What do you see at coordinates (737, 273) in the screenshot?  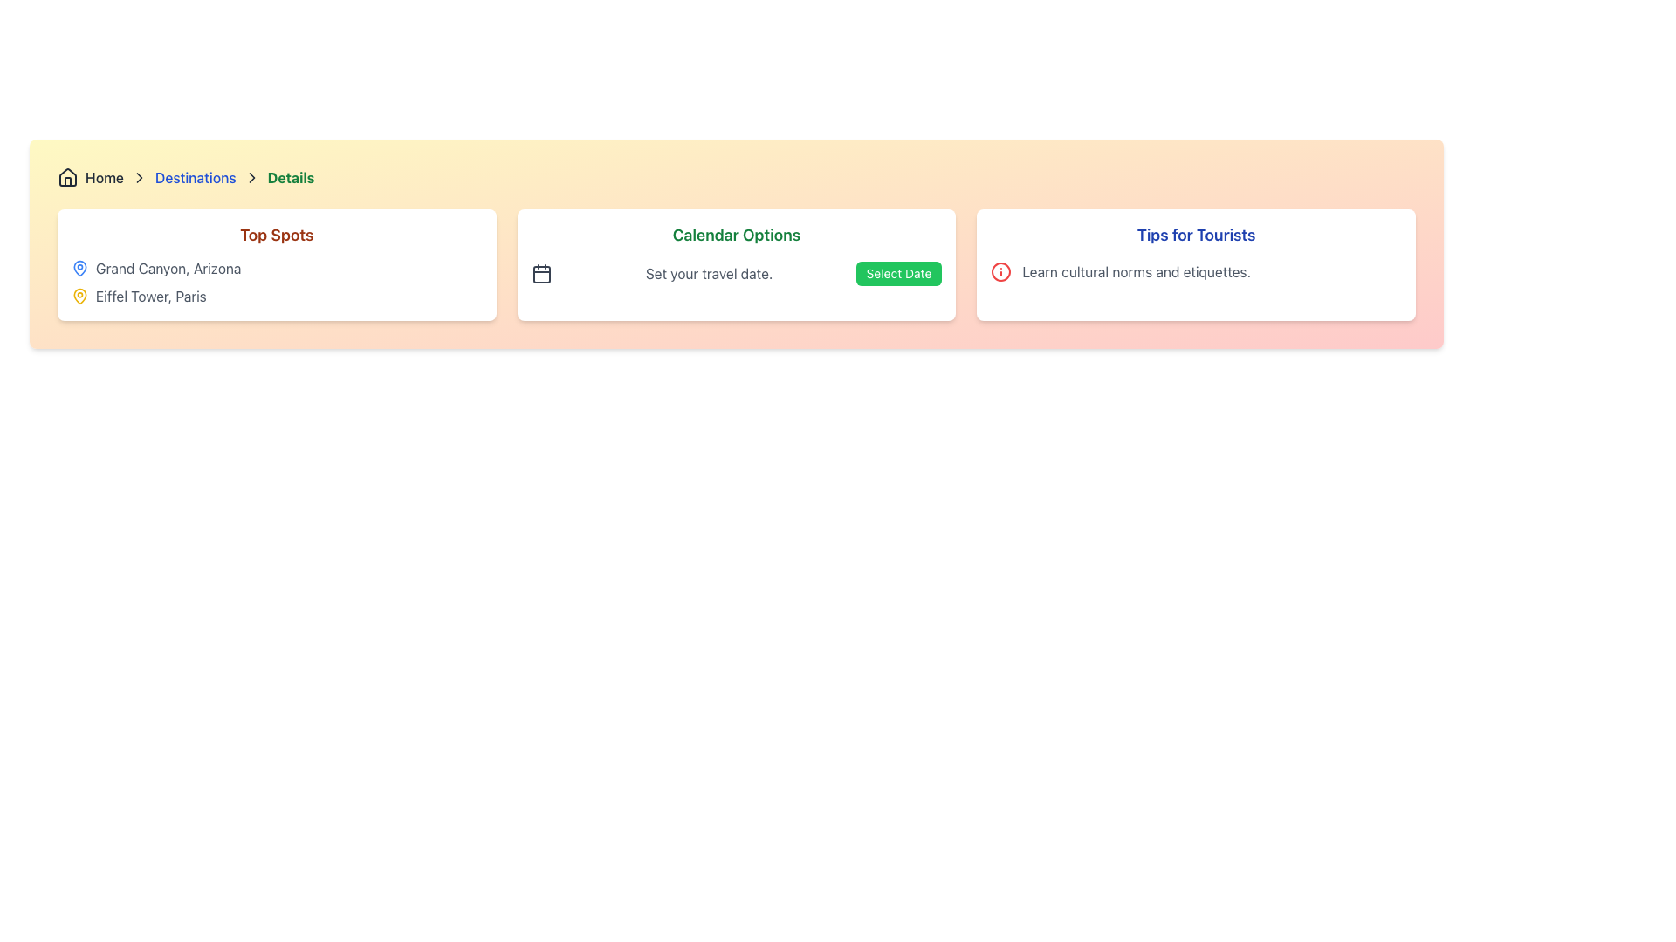 I see `instruction text from the 'Calendar Options' panel, which contains a calendar icon and a button for setting a travel date` at bounding box center [737, 273].